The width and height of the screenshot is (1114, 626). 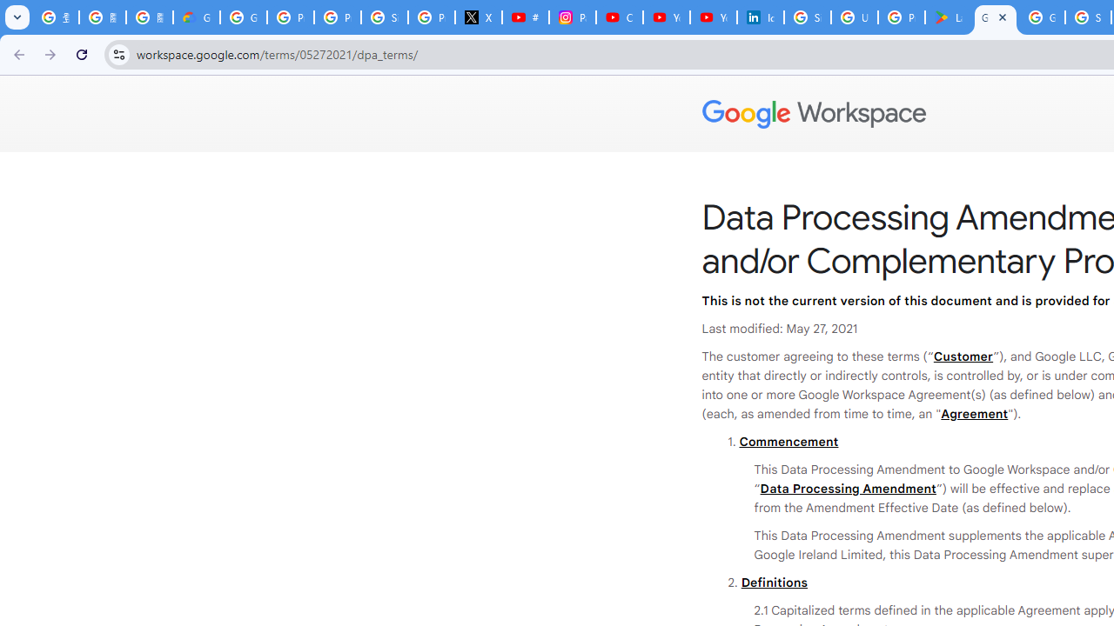 I want to click on 'Last Shelter: Survival - Apps on Google Play', so click(x=947, y=17).